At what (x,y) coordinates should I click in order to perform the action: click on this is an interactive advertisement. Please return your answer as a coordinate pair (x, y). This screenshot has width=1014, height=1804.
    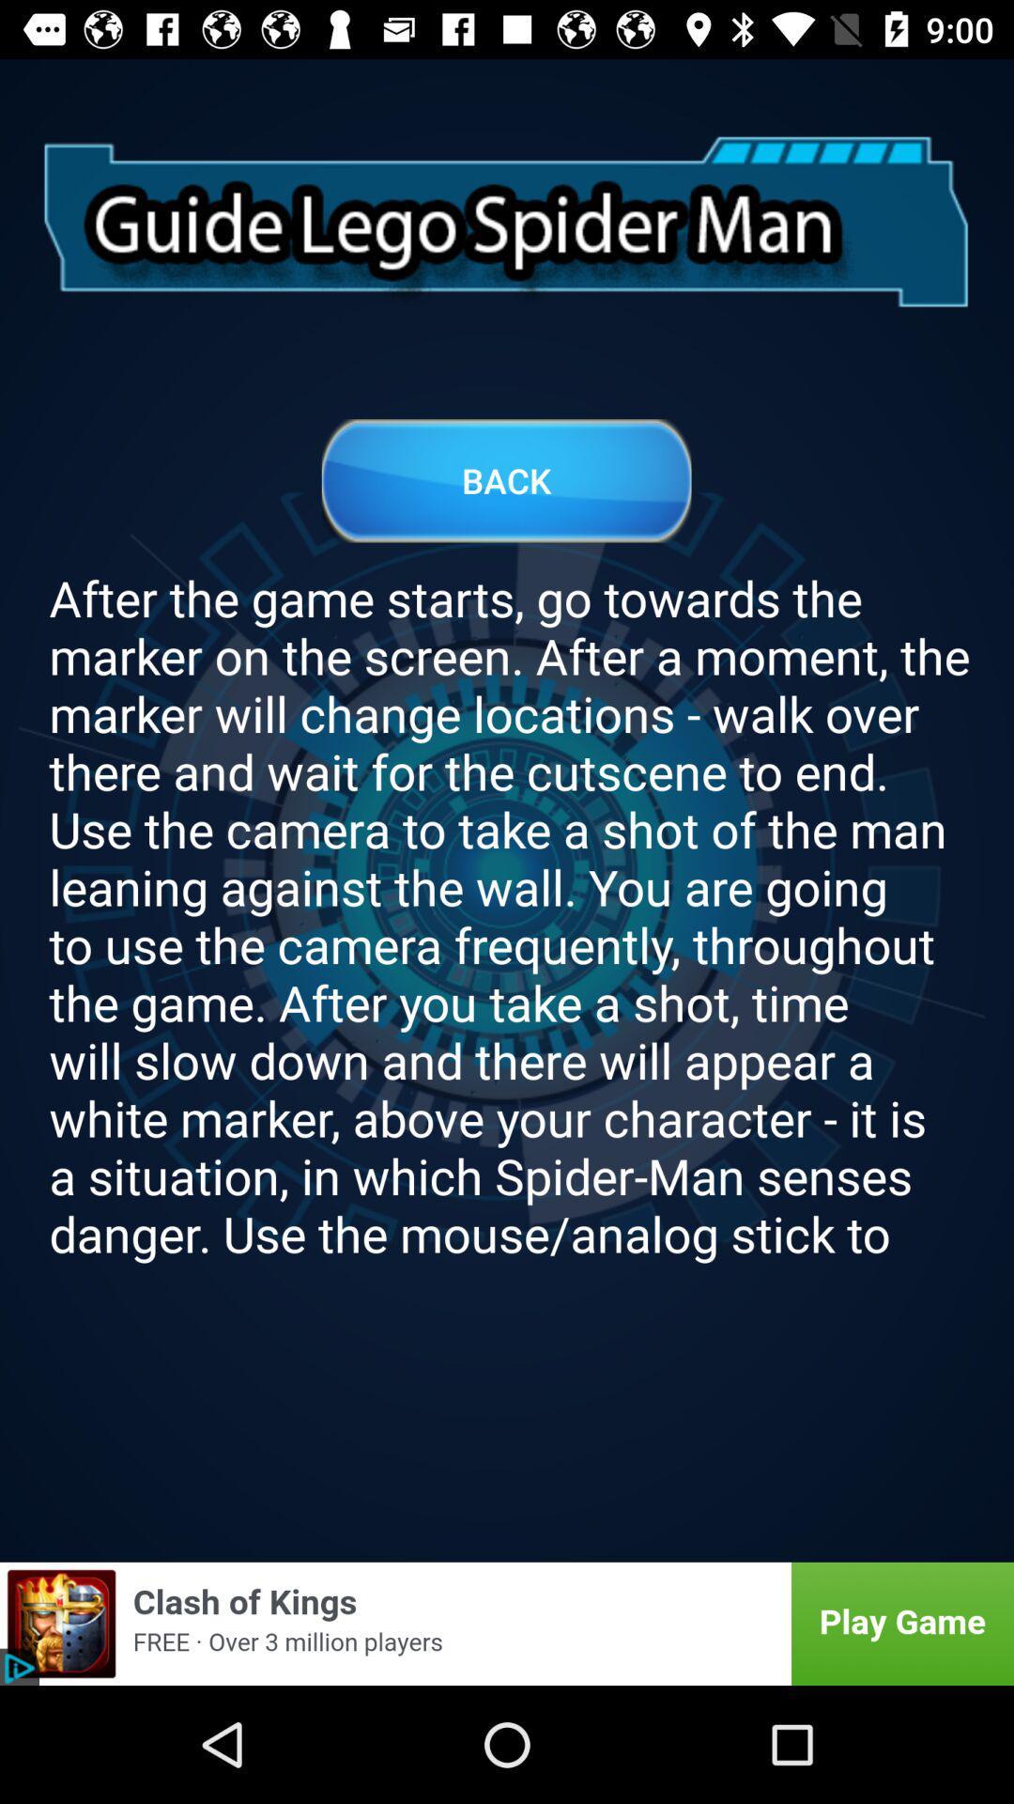
    Looking at the image, I should click on (507, 1623).